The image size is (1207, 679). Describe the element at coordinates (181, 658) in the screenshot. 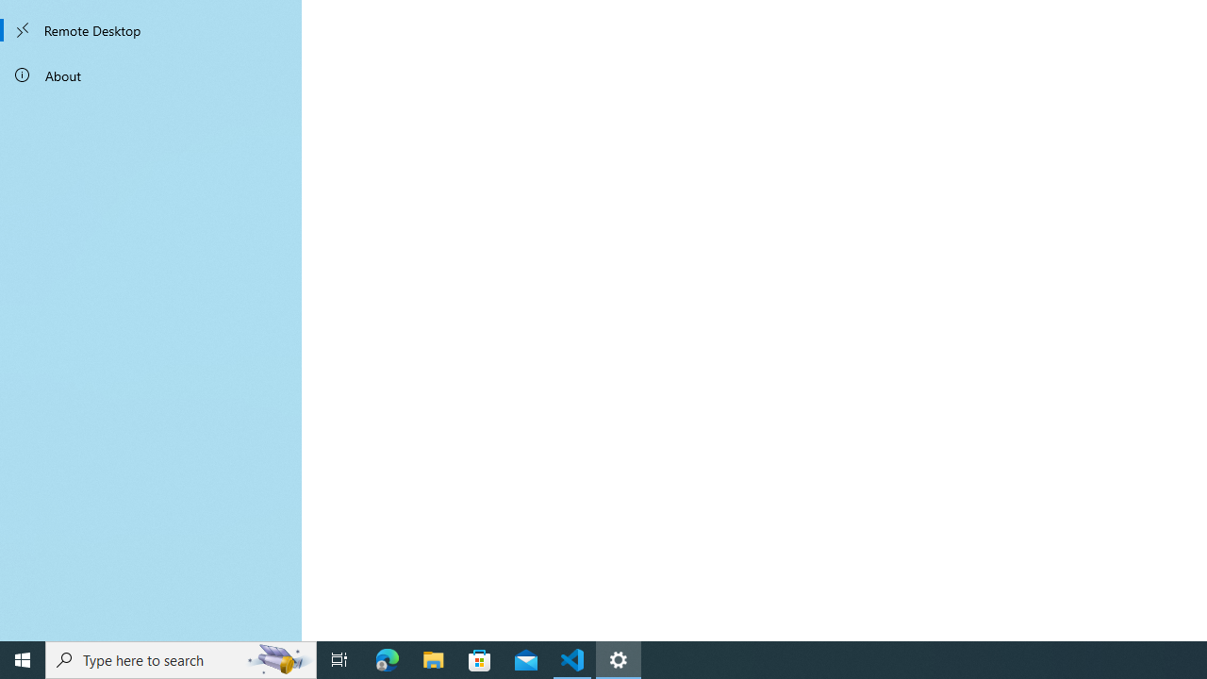

I see `'Type here to search'` at that location.